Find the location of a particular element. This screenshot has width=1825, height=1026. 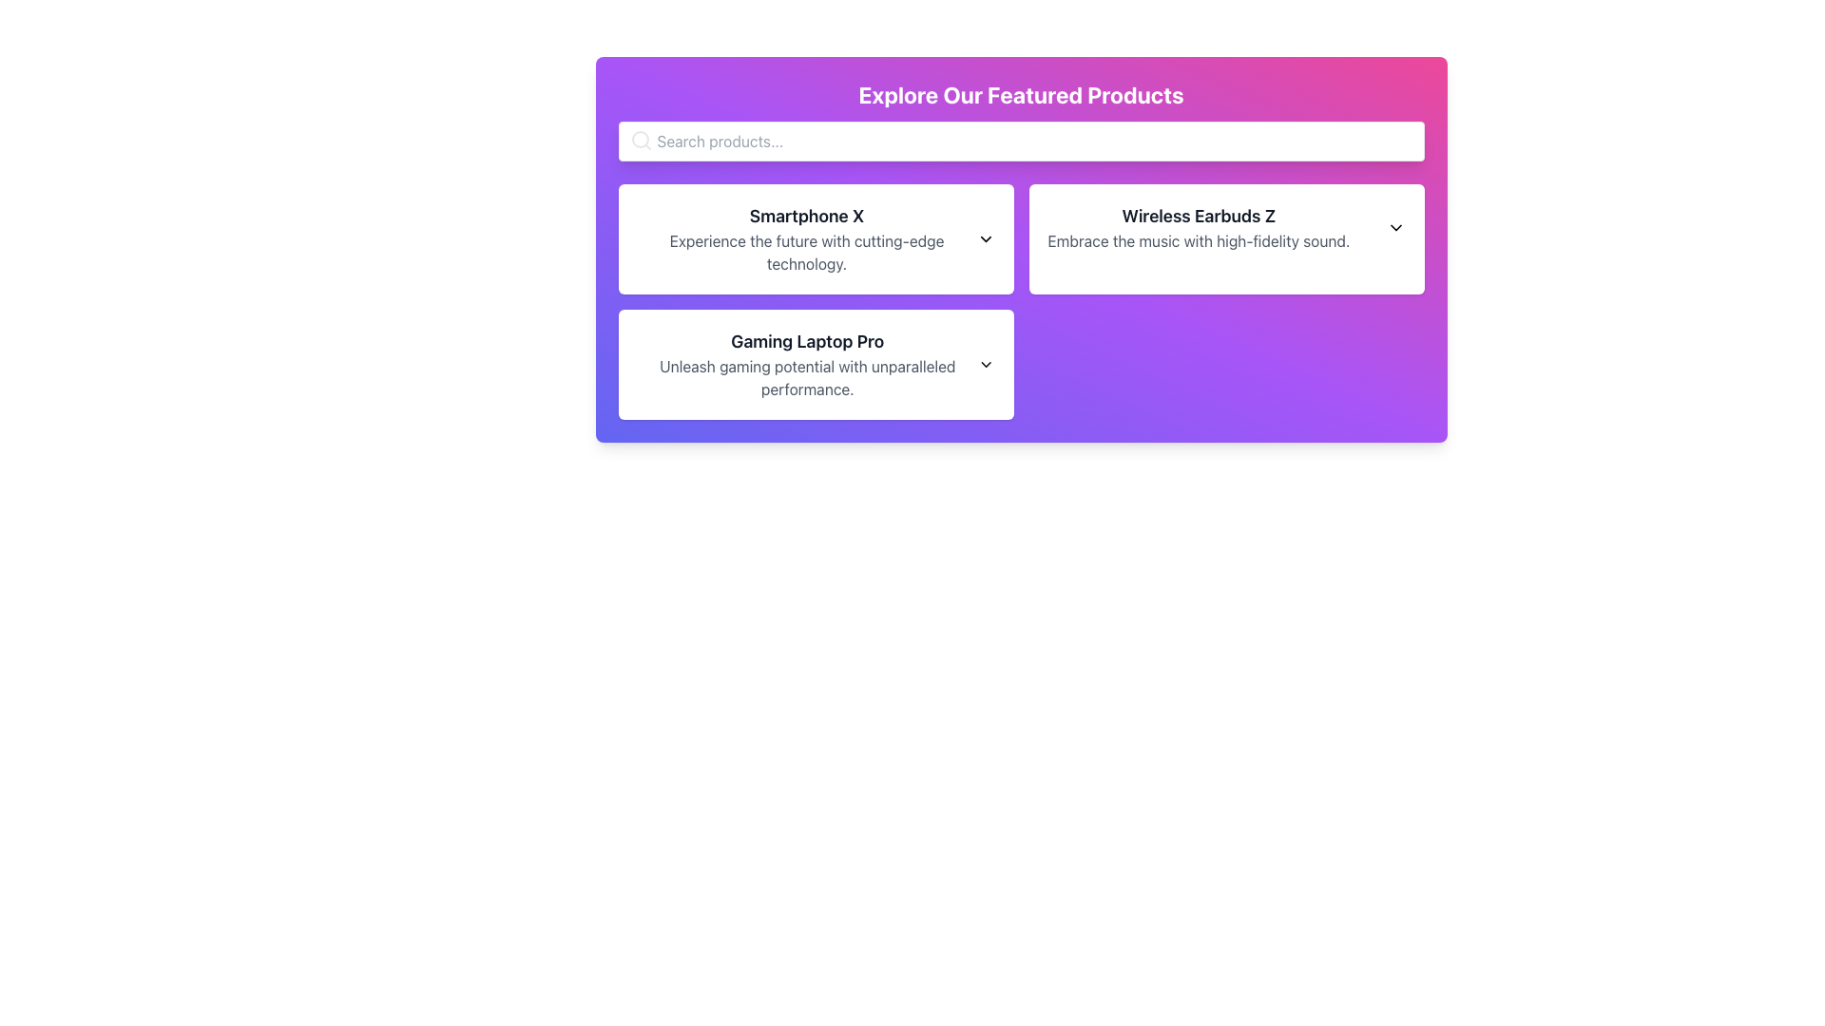

the title text element labeled 'Gaming Laptop Pro', which is positioned in the upper section of the product card is located at coordinates (807, 340).